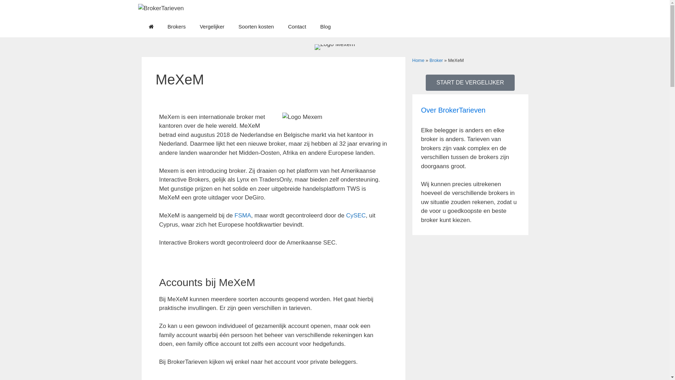 This screenshot has width=675, height=380. Describe the element at coordinates (280, 26) in the screenshot. I see `'Contact'` at that location.